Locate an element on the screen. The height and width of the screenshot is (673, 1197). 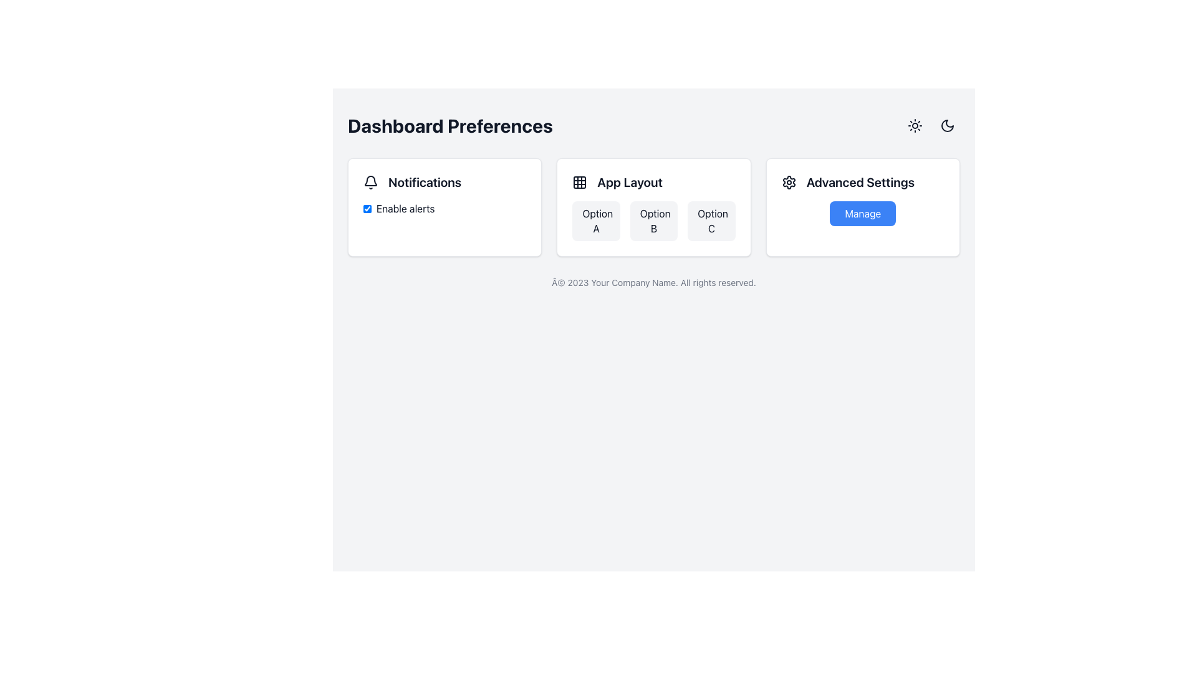
the static text label displaying 'Advanced Settings' in bold black font located in the top-right card of the main interface grid is located at coordinates (860, 183).